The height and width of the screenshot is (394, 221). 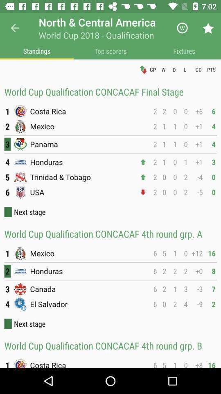 I want to click on item above fixtures app, so click(x=182, y=28).